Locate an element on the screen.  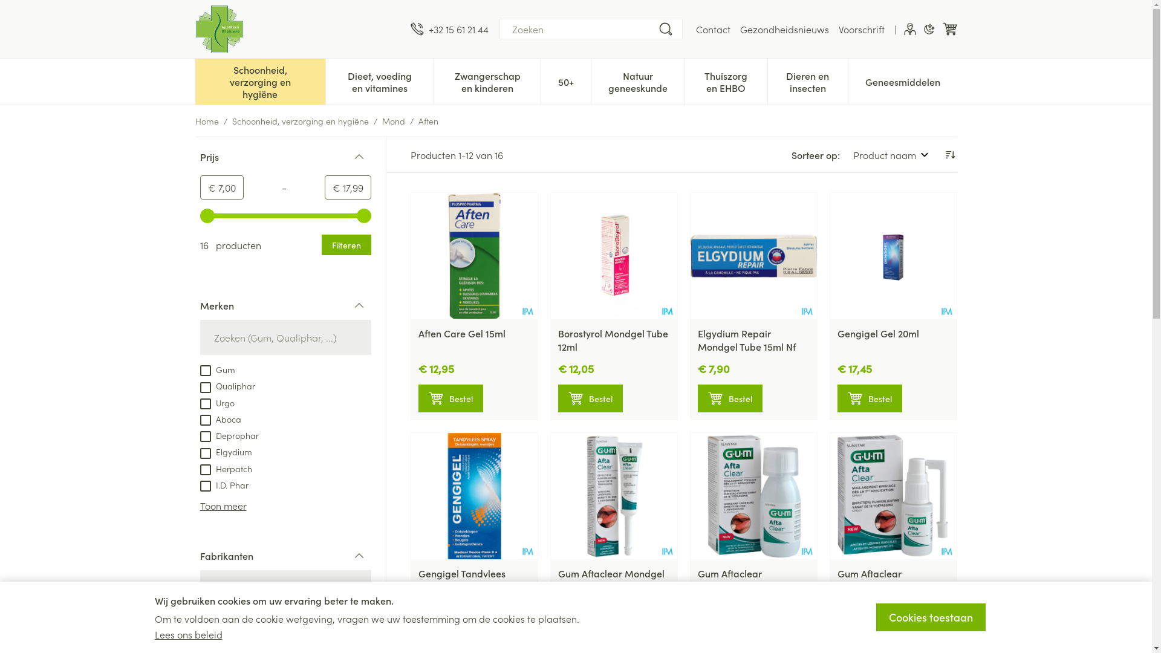
'Zoeken' is located at coordinates (664, 28).